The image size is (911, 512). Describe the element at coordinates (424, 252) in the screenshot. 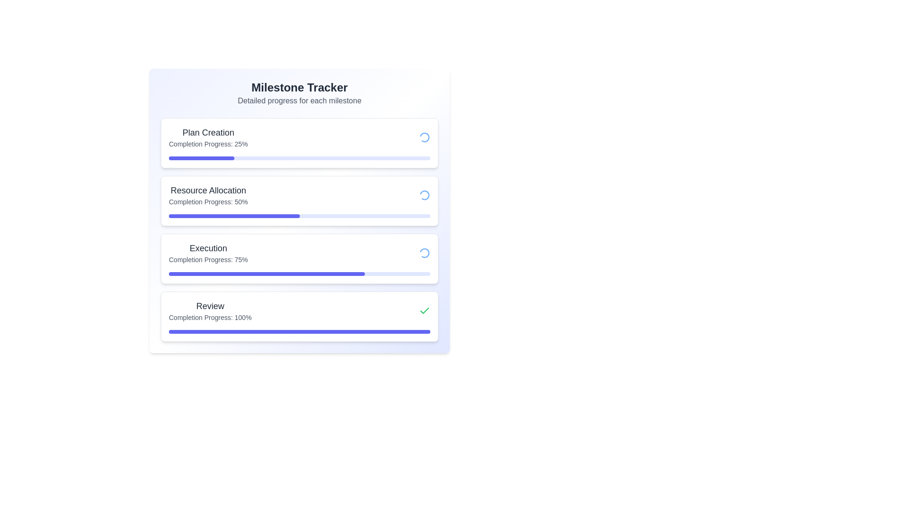

I see `the Loading Spinner located at the far-right side of the 'Execution' milestone progress bar to observe additional animations or details` at that location.